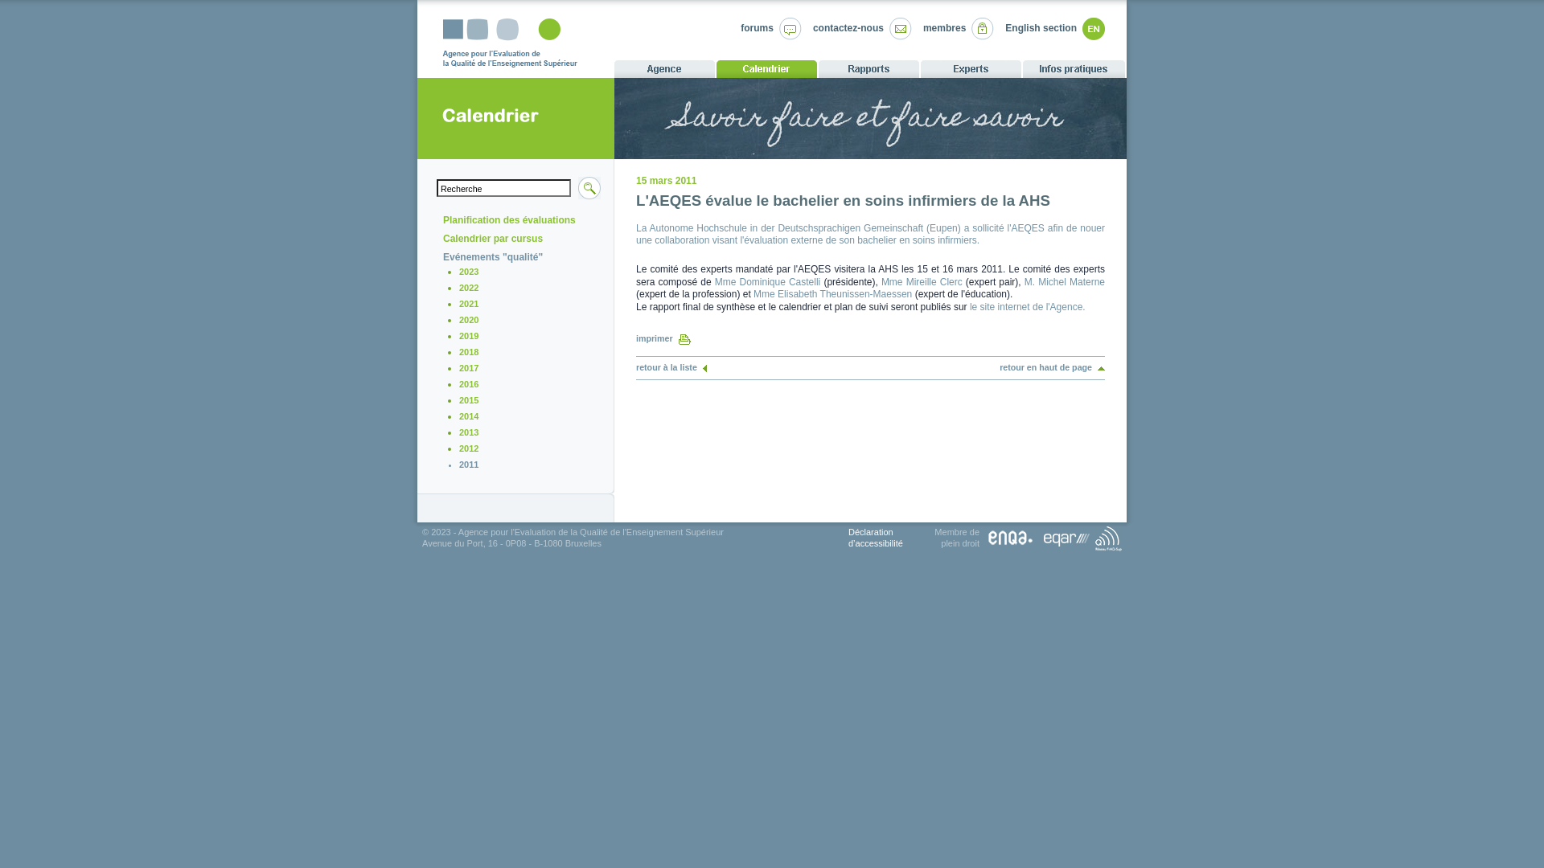 This screenshot has height=868, width=1544. What do you see at coordinates (467, 368) in the screenshot?
I see `'2017'` at bounding box center [467, 368].